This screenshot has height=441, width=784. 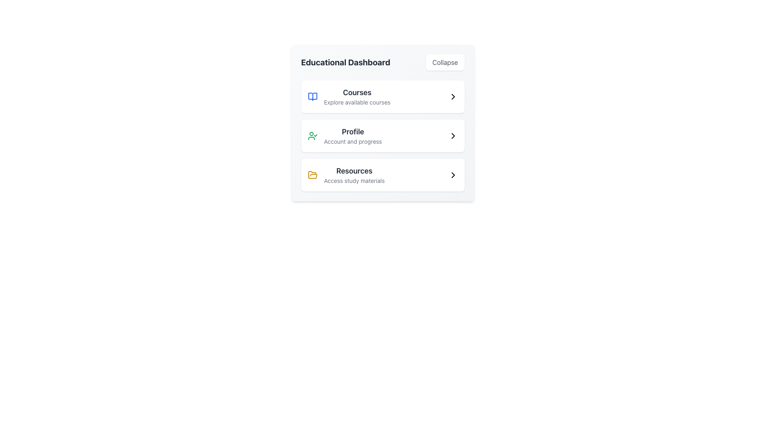 I want to click on the user profile status icon located to the left of the 'Profile' text label in the 'Profile' section of the interface, so click(x=312, y=135).